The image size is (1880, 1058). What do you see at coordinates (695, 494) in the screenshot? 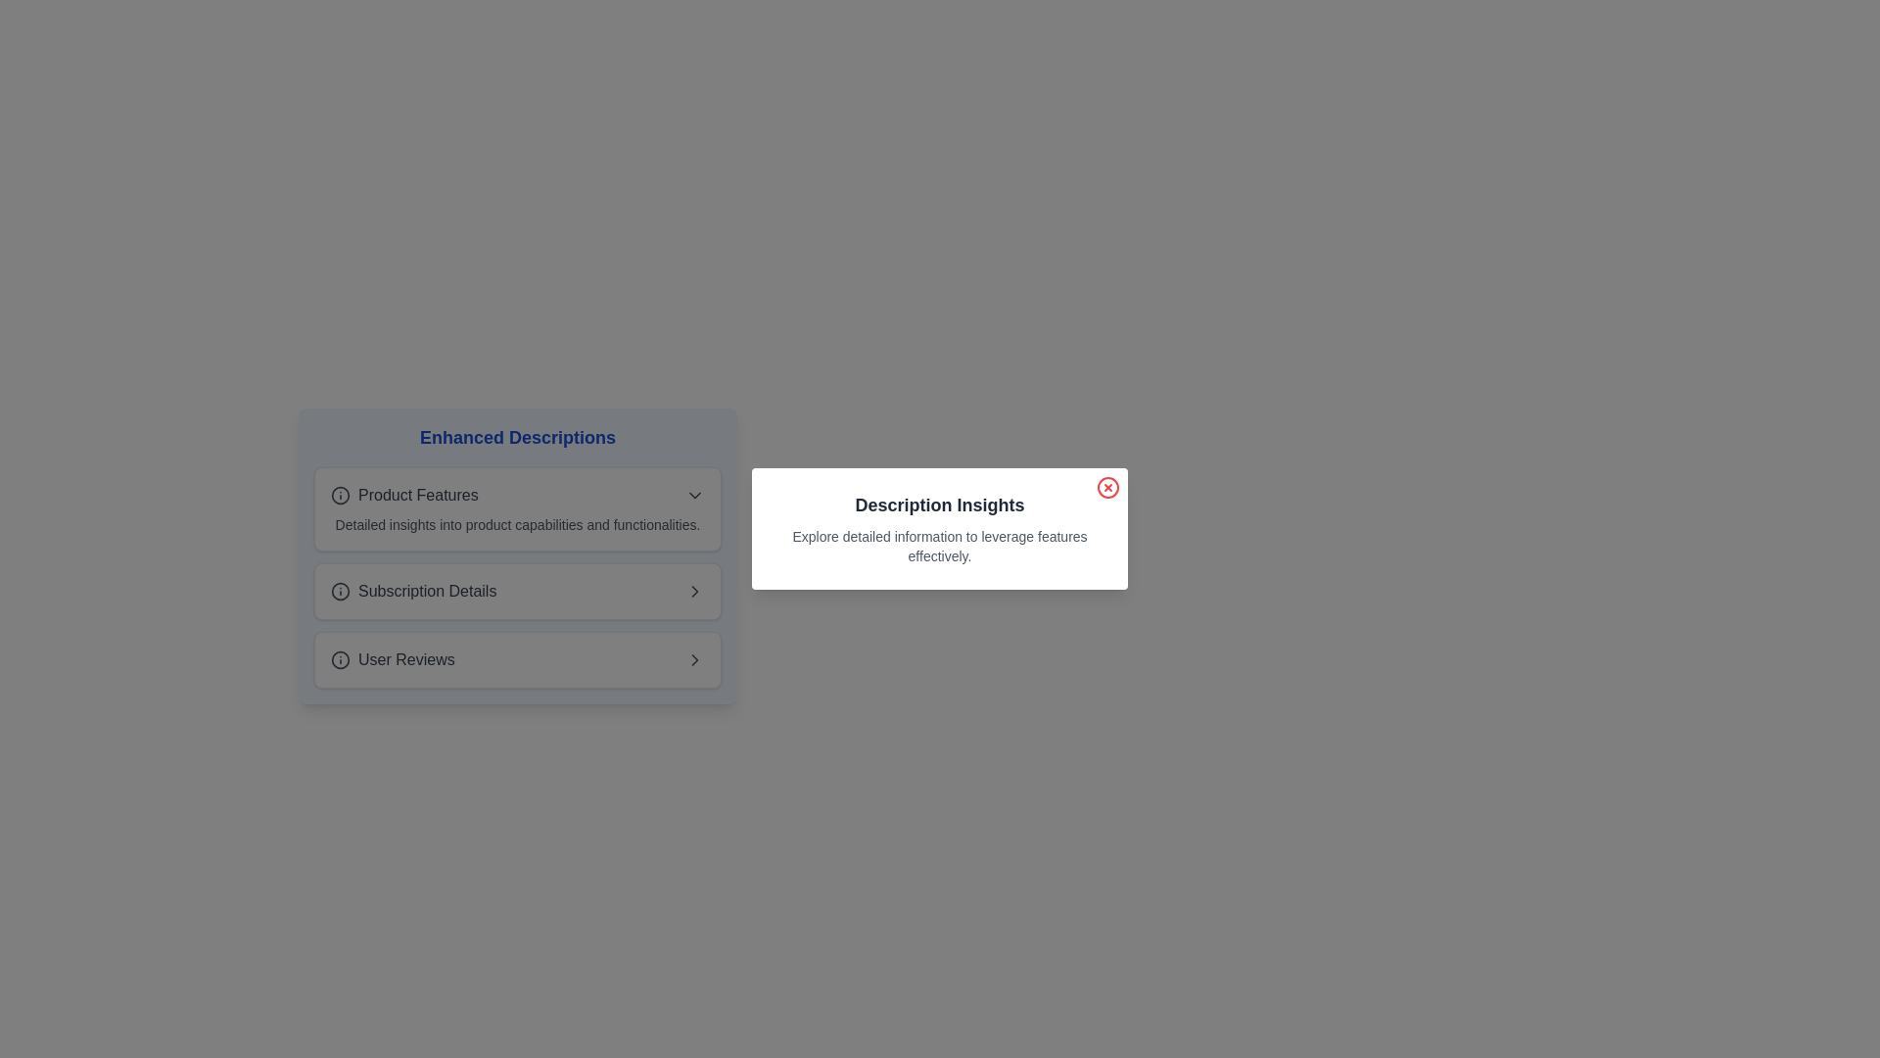
I see `the downward-pointing chevron icon located to the right of the 'Product Features' text` at bounding box center [695, 494].